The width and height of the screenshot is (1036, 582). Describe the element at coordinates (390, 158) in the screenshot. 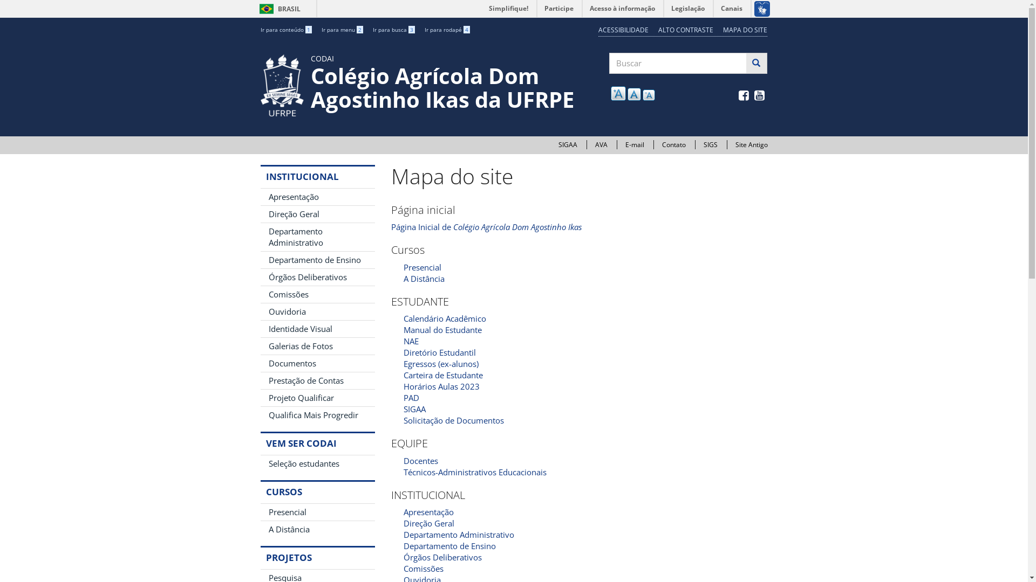

I see `' '` at that location.